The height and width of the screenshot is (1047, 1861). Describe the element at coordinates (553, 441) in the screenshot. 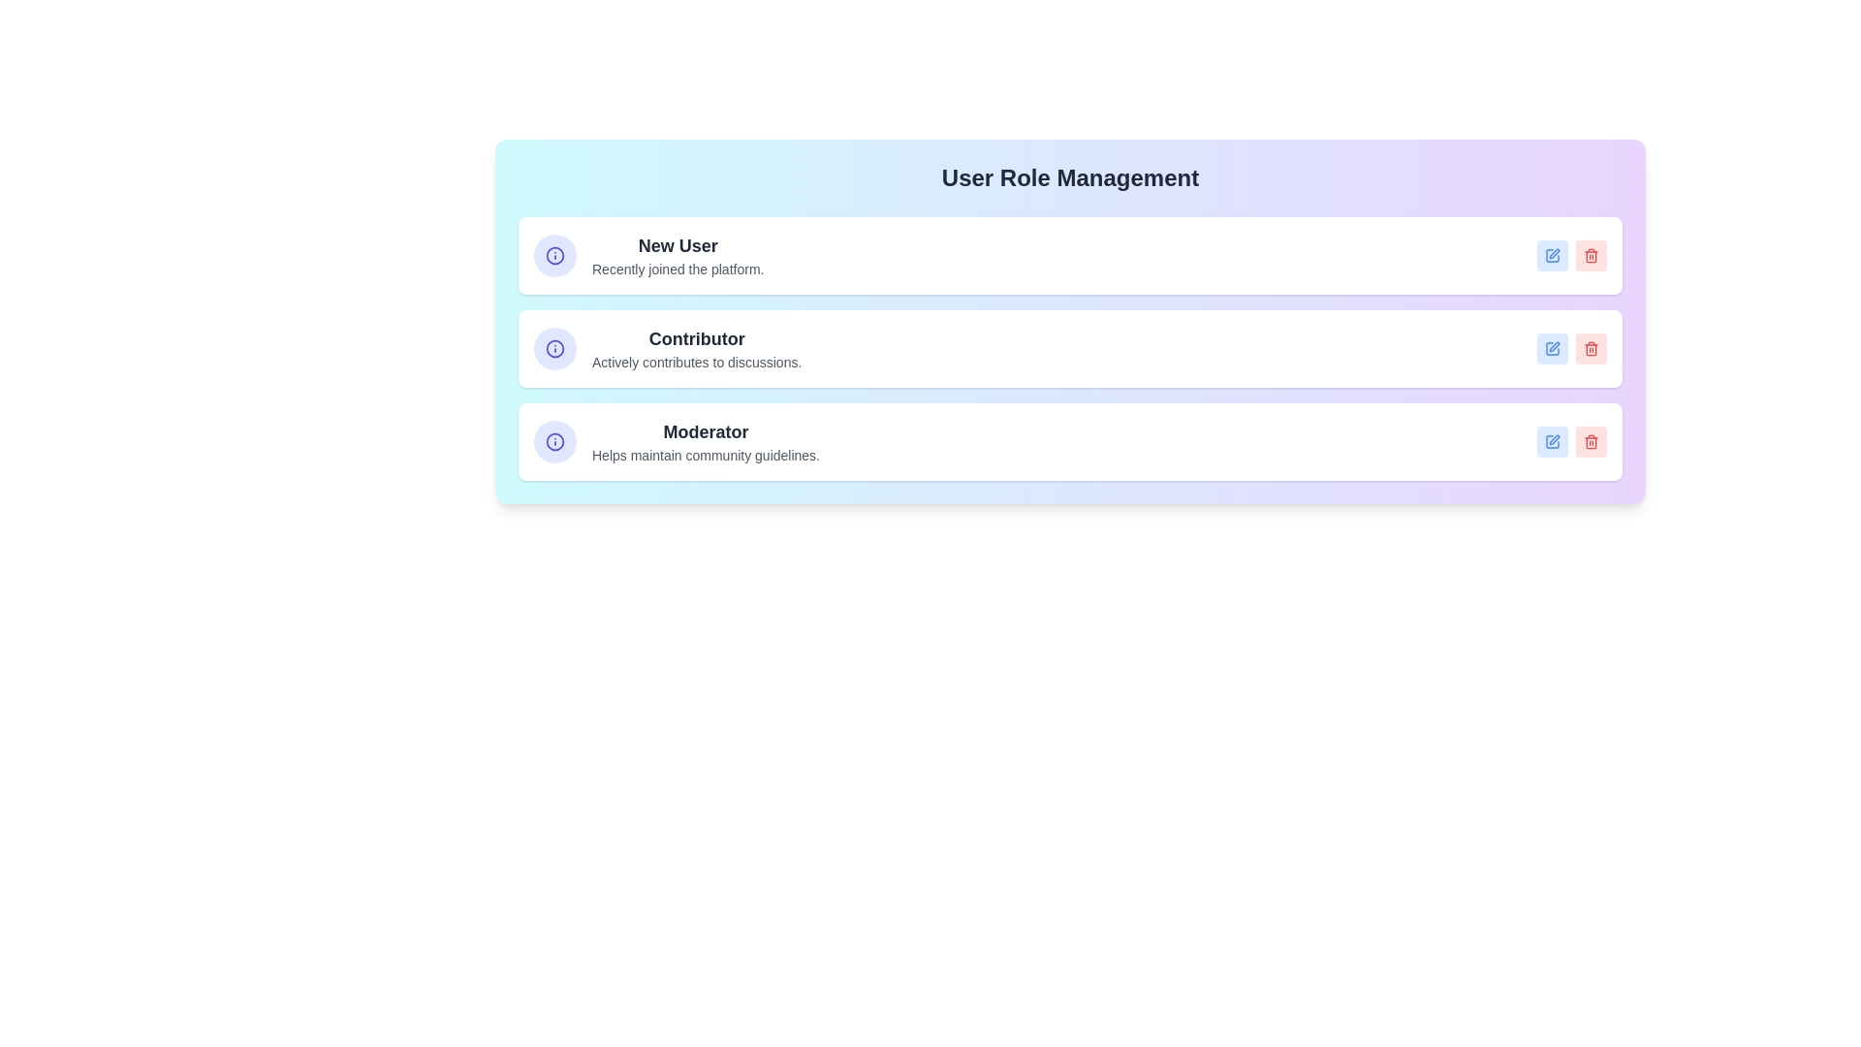

I see `the information icon of the tag labeled 'Moderator'` at that location.